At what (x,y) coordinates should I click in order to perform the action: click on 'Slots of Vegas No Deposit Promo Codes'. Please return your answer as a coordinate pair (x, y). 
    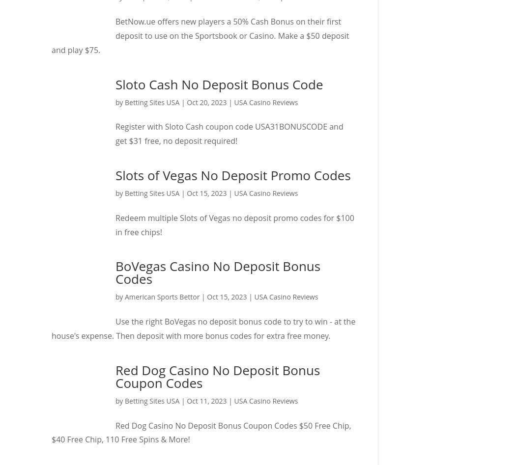
    Looking at the image, I should click on (115, 174).